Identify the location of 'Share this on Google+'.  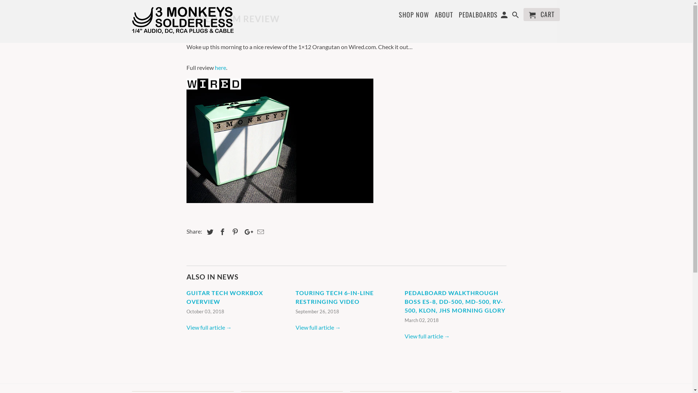
(246, 231).